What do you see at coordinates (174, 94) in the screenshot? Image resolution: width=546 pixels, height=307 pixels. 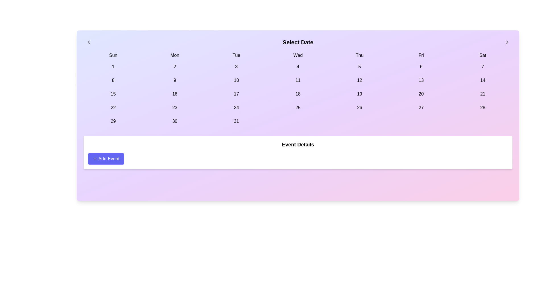 I see `the button representing the 16th day of the month in the calendar located in the third row and second column under the 'Mon' column heading` at bounding box center [174, 94].